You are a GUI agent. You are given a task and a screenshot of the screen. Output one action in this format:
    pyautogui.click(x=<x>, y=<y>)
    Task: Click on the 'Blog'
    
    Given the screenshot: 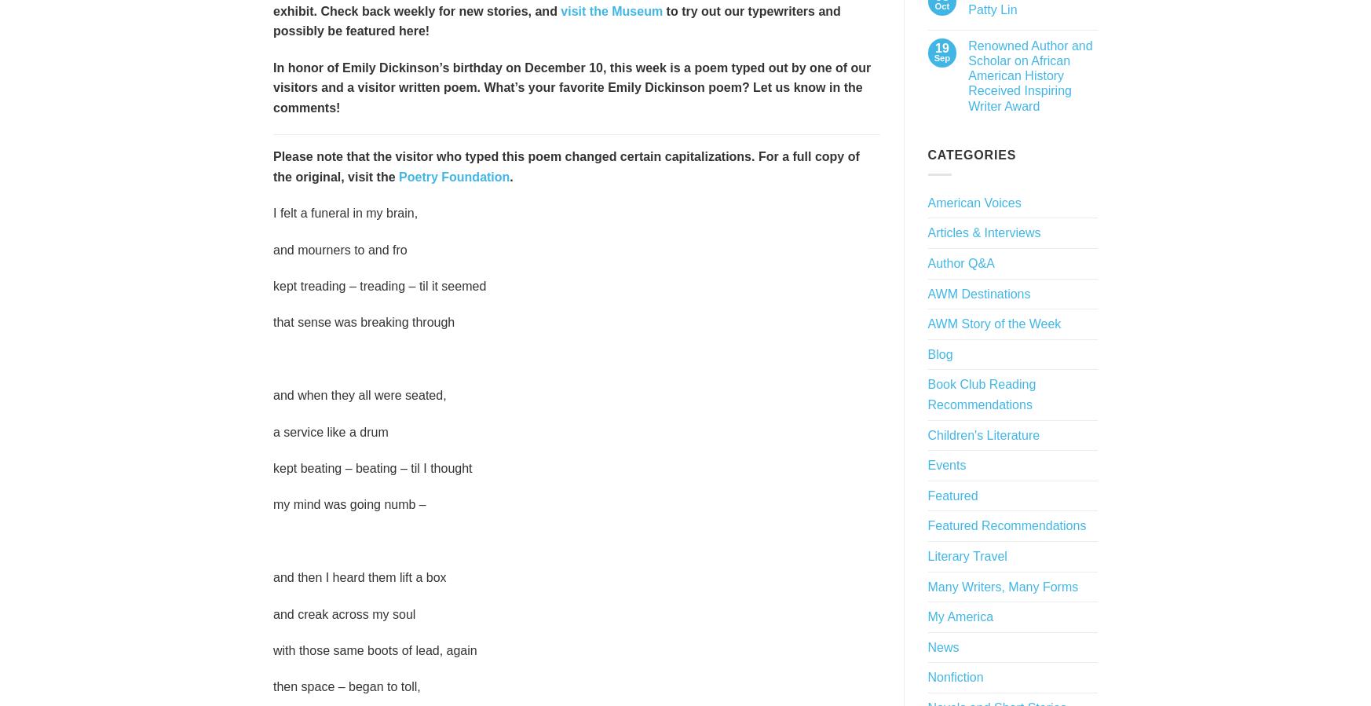 What is the action you would take?
    pyautogui.click(x=927, y=353)
    